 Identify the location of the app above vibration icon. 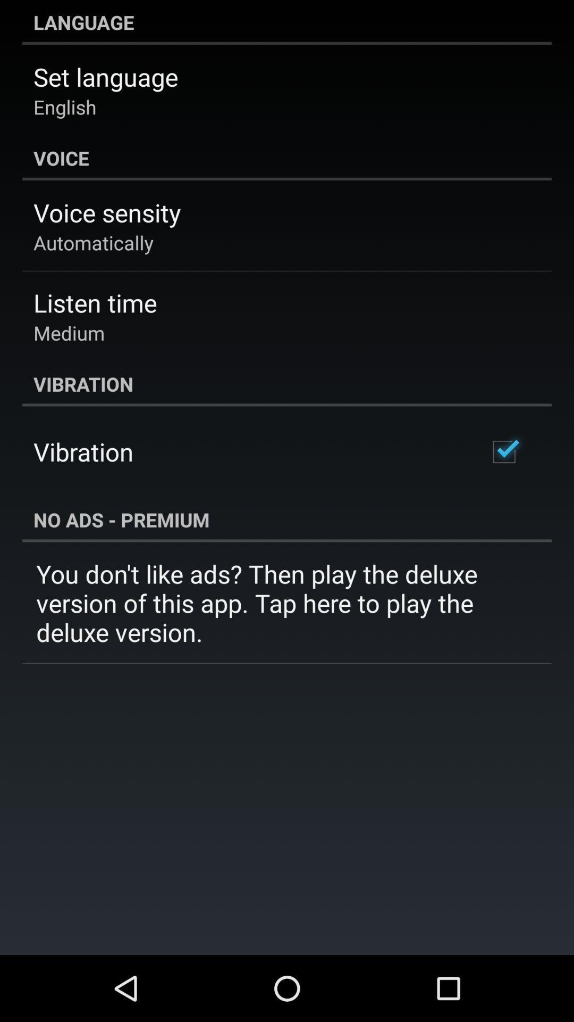
(69, 332).